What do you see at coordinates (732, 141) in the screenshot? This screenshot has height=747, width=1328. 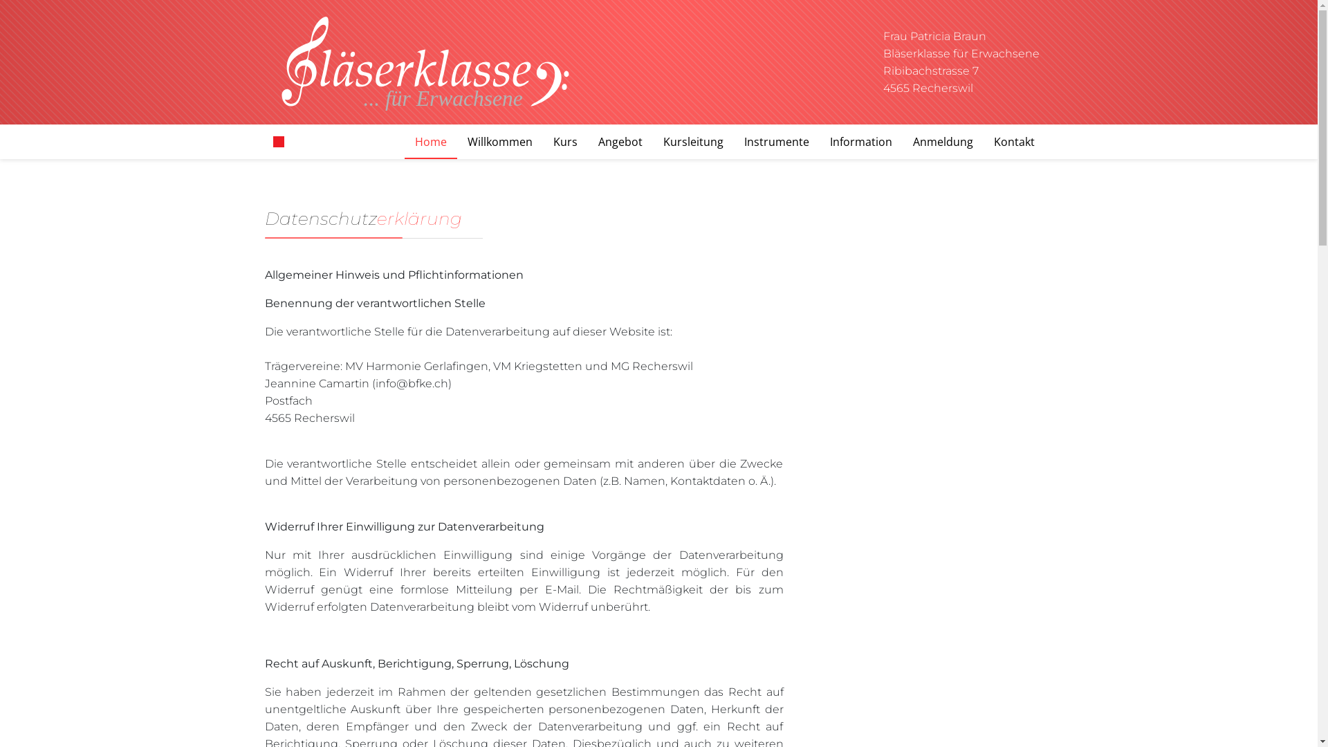 I see `'Instrumente'` at bounding box center [732, 141].